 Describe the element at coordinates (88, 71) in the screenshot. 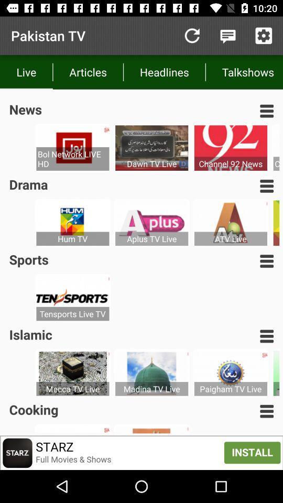

I see `articles item` at that location.